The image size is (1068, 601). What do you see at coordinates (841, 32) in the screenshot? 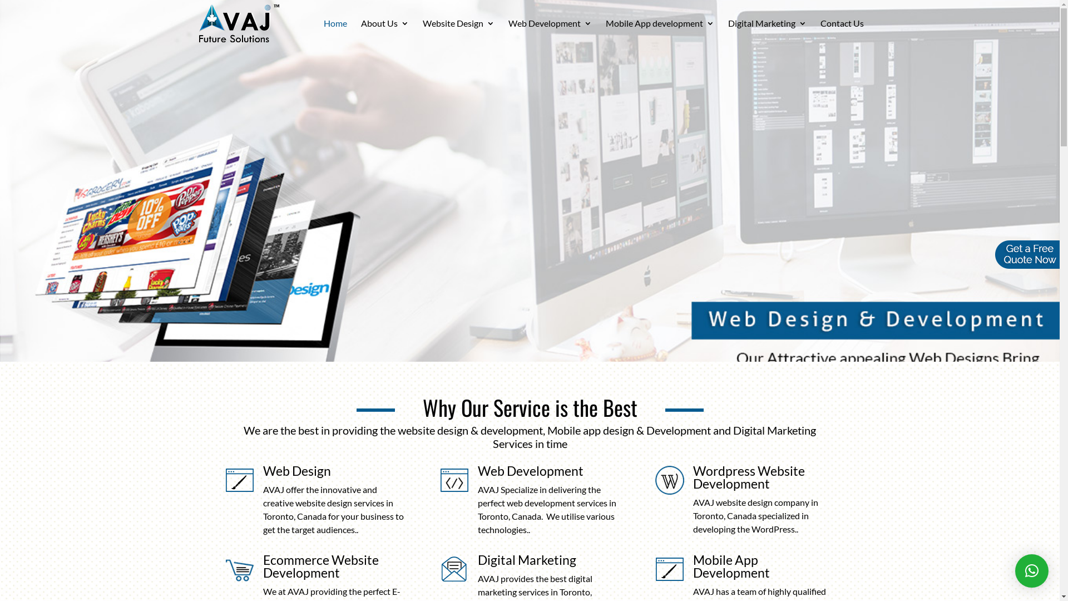
I see `'Contact Us'` at bounding box center [841, 32].